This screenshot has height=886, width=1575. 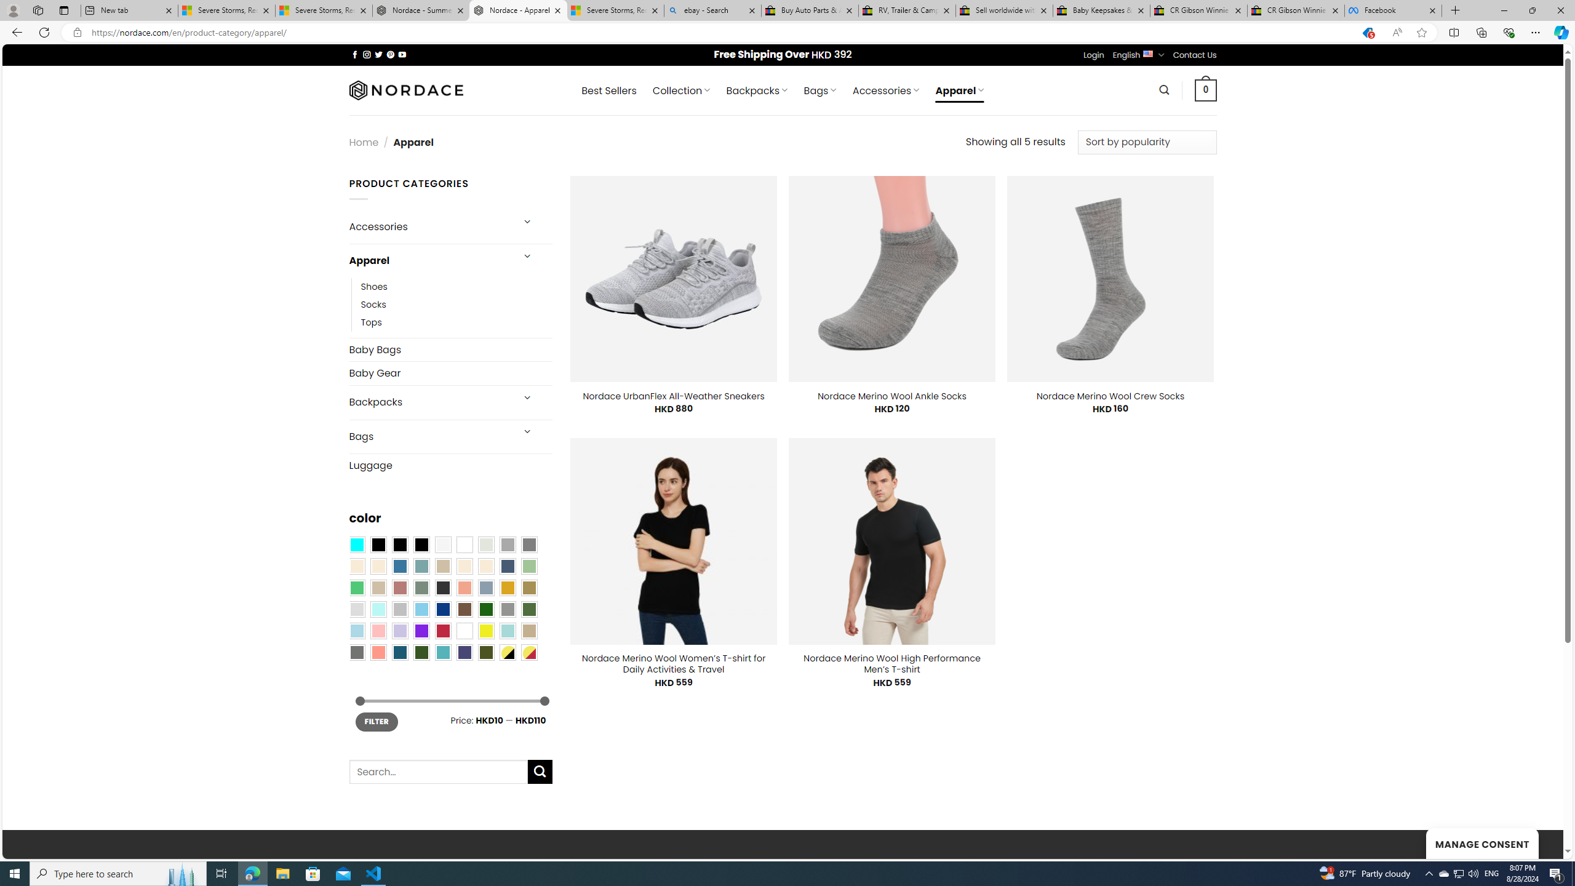 I want to click on 'Light Gray', so click(x=356, y=609).